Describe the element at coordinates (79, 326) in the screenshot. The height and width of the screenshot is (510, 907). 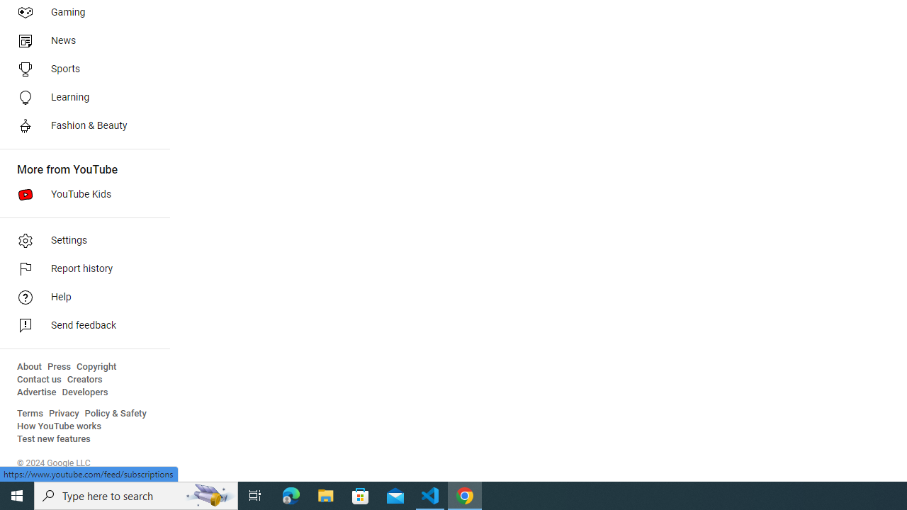
I see `'Send feedback'` at that location.